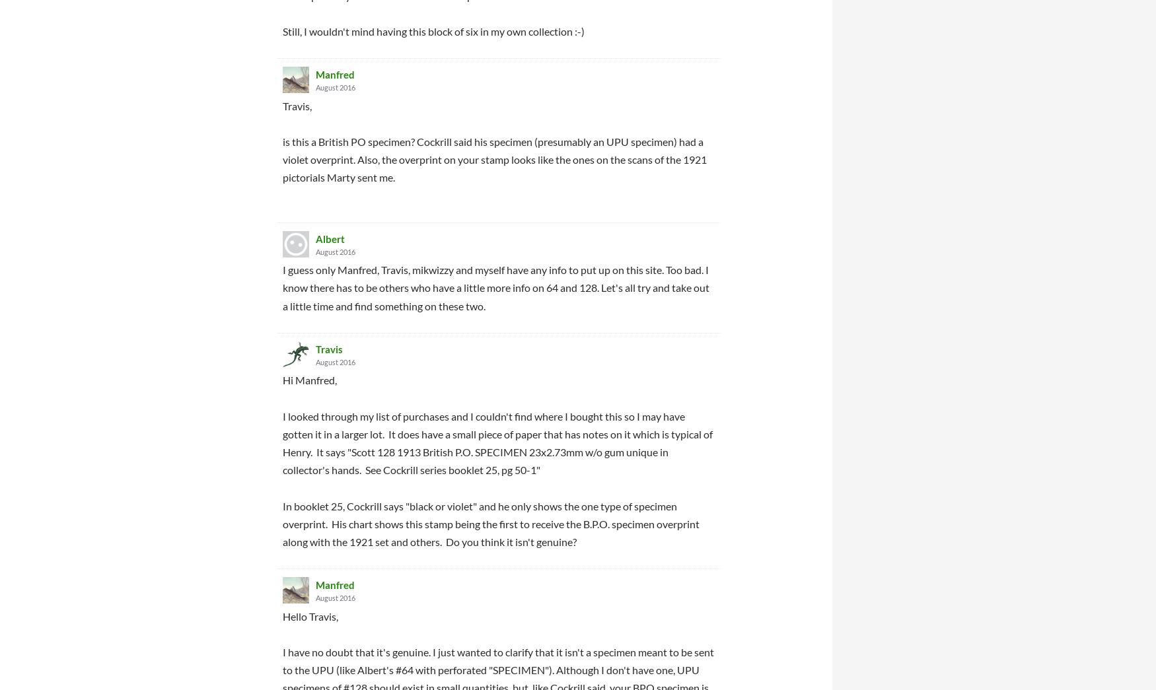  I want to click on 'Travis,', so click(297, 104).